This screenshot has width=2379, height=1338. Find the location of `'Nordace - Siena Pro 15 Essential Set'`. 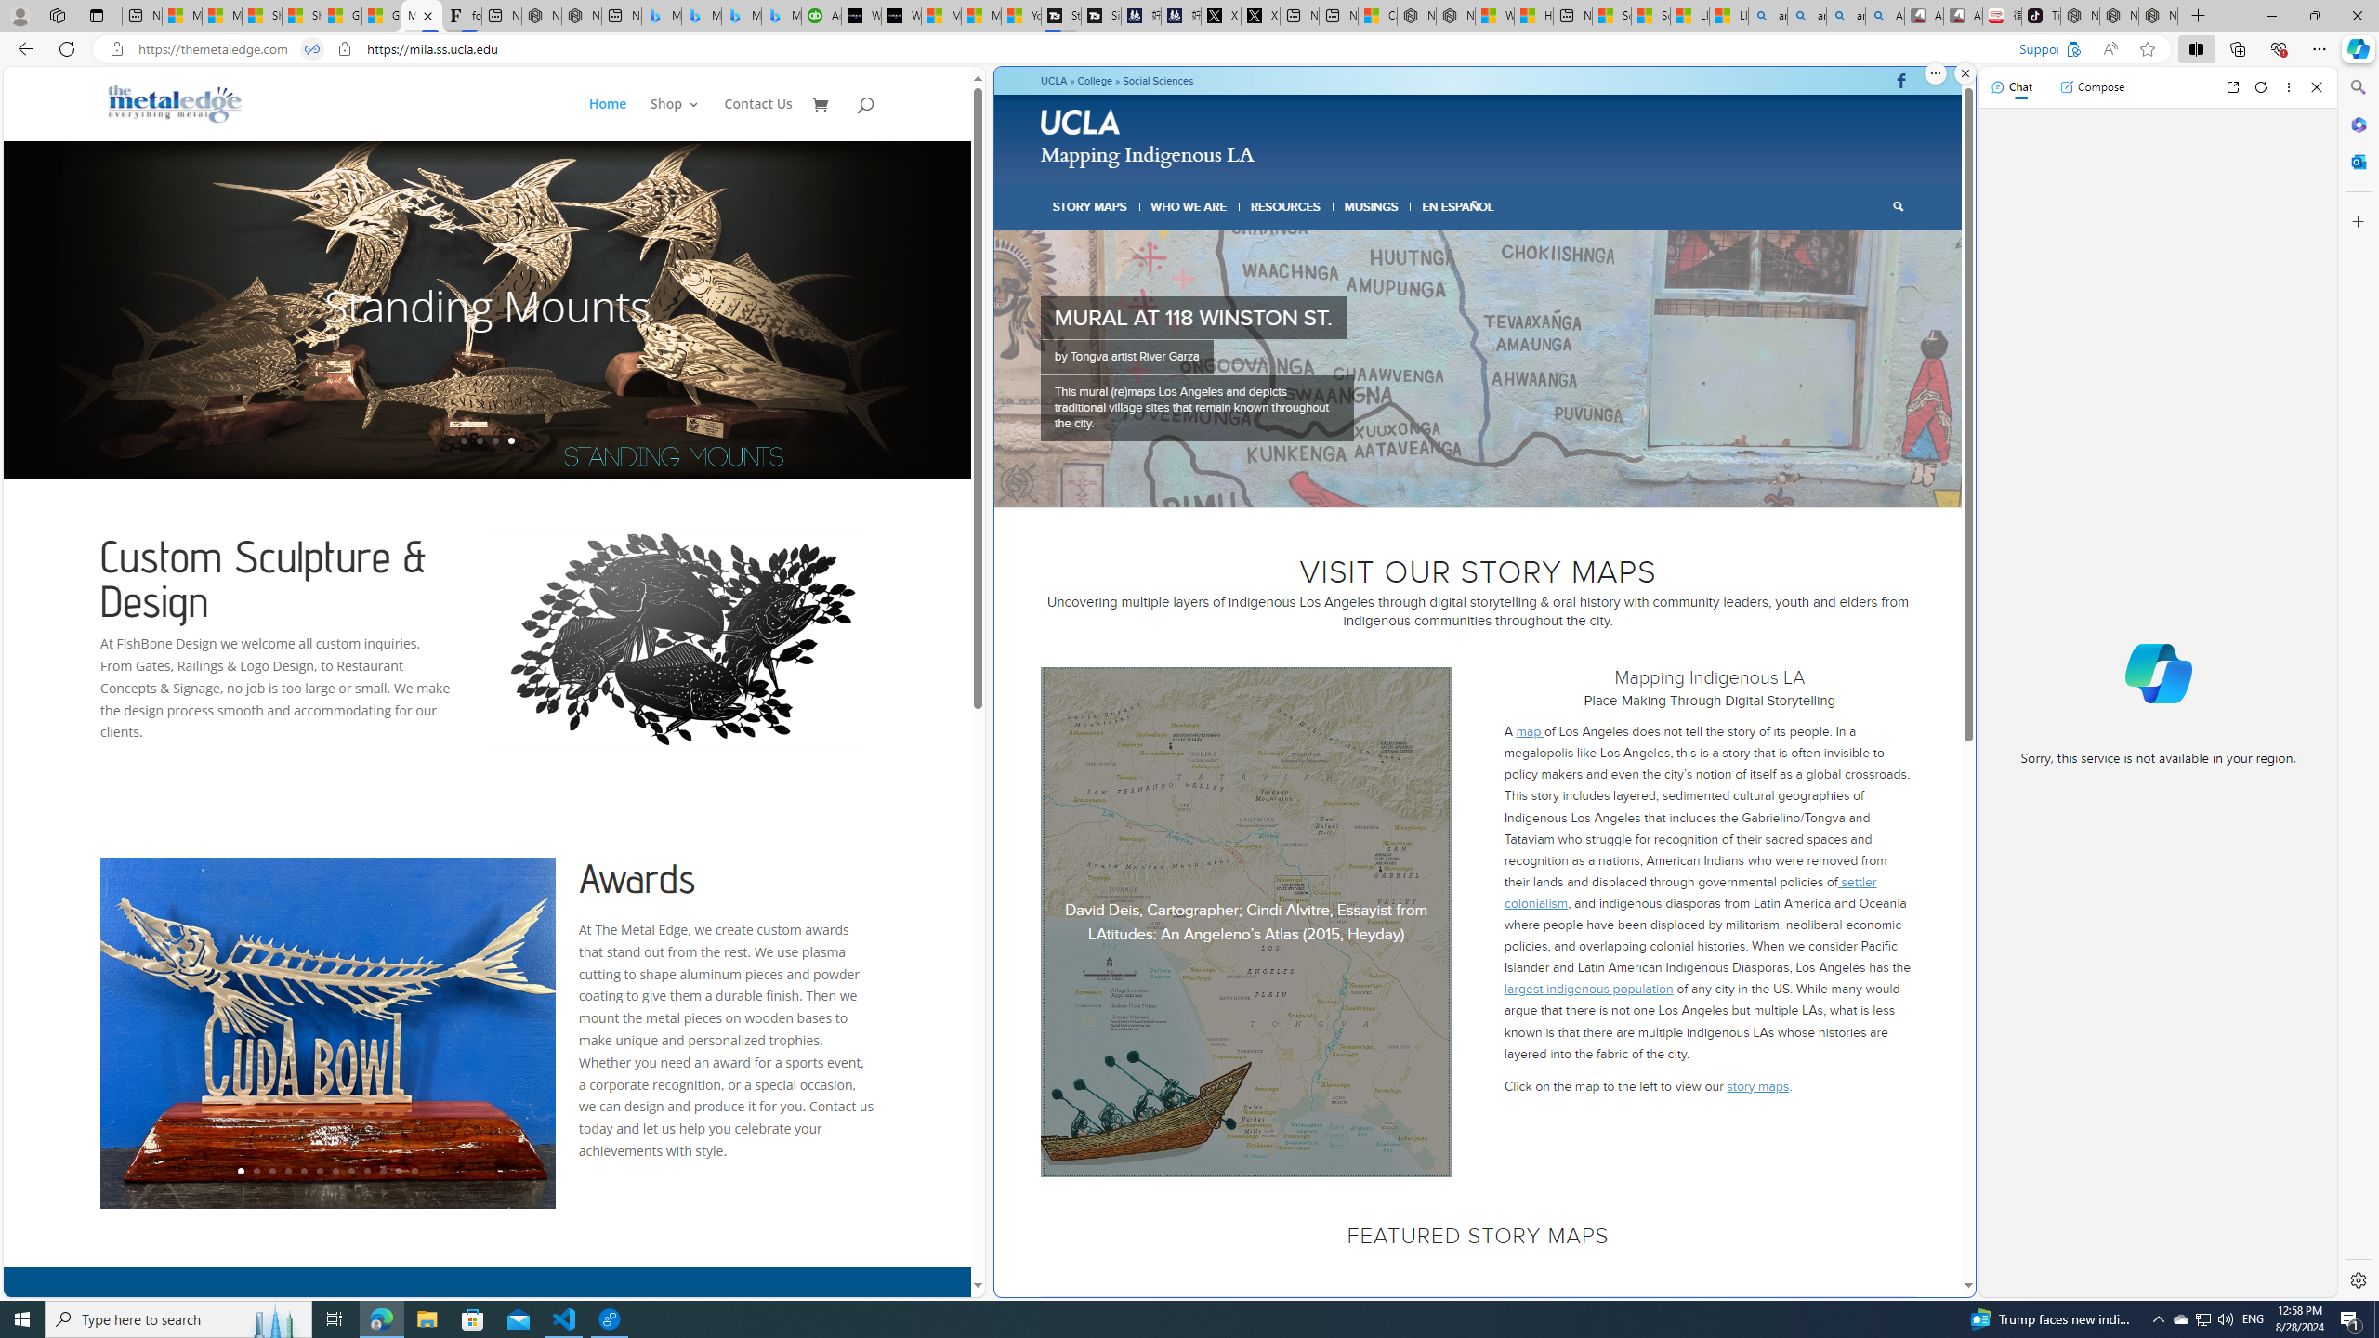

'Nordace - Siena Pro 15 Essential Set' is located at coordinates (2159, 15).